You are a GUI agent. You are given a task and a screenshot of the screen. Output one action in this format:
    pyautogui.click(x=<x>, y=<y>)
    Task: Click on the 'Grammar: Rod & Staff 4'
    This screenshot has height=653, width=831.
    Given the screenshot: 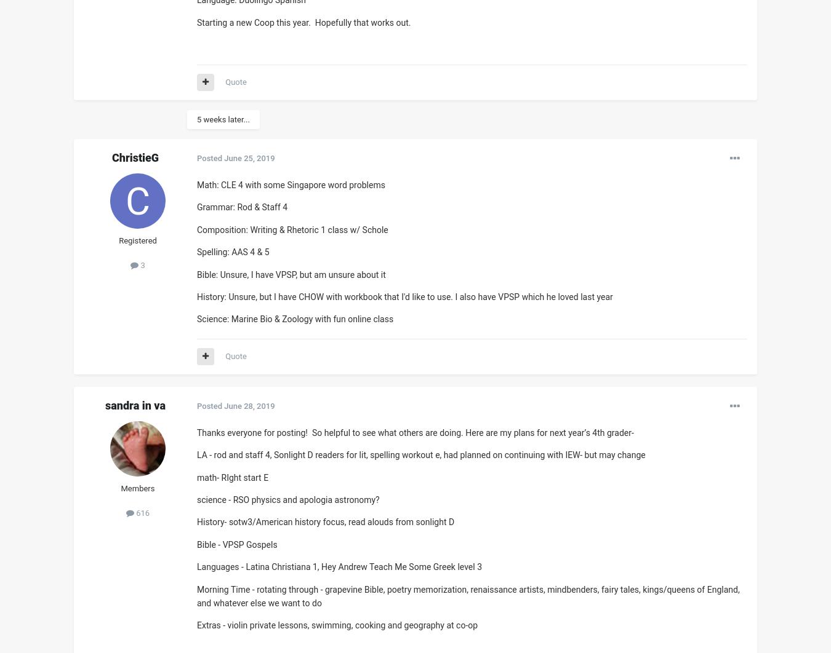 What is the action you would take?
    pyautogui.click(x=242, y=206)
    